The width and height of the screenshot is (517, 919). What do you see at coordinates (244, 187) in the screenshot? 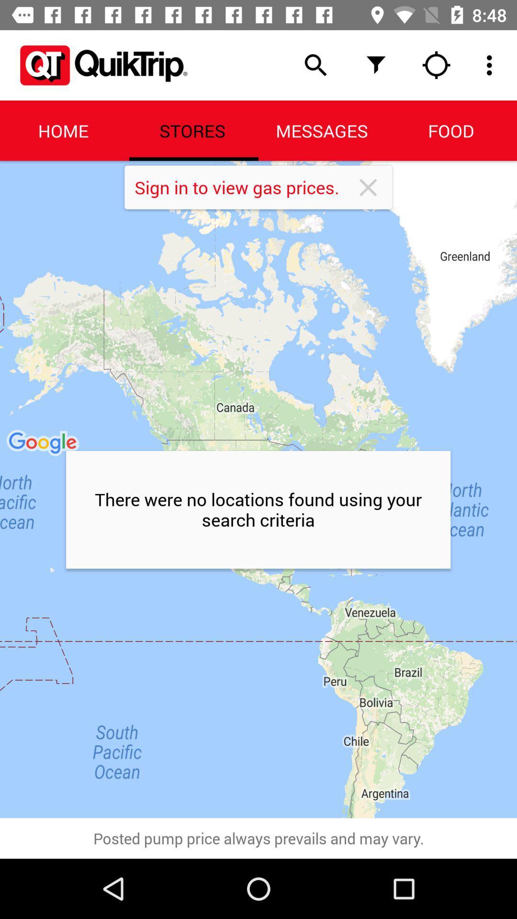
I see `item below the stores` at bounding box center [244, 187].